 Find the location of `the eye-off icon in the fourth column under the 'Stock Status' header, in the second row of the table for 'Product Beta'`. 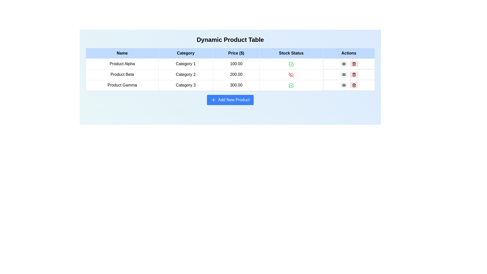

the eye-off icon in the fourth column under the 'Stock Status' header, in the second row of the table for 'Product Beta' is located at coordinates (291, 74).